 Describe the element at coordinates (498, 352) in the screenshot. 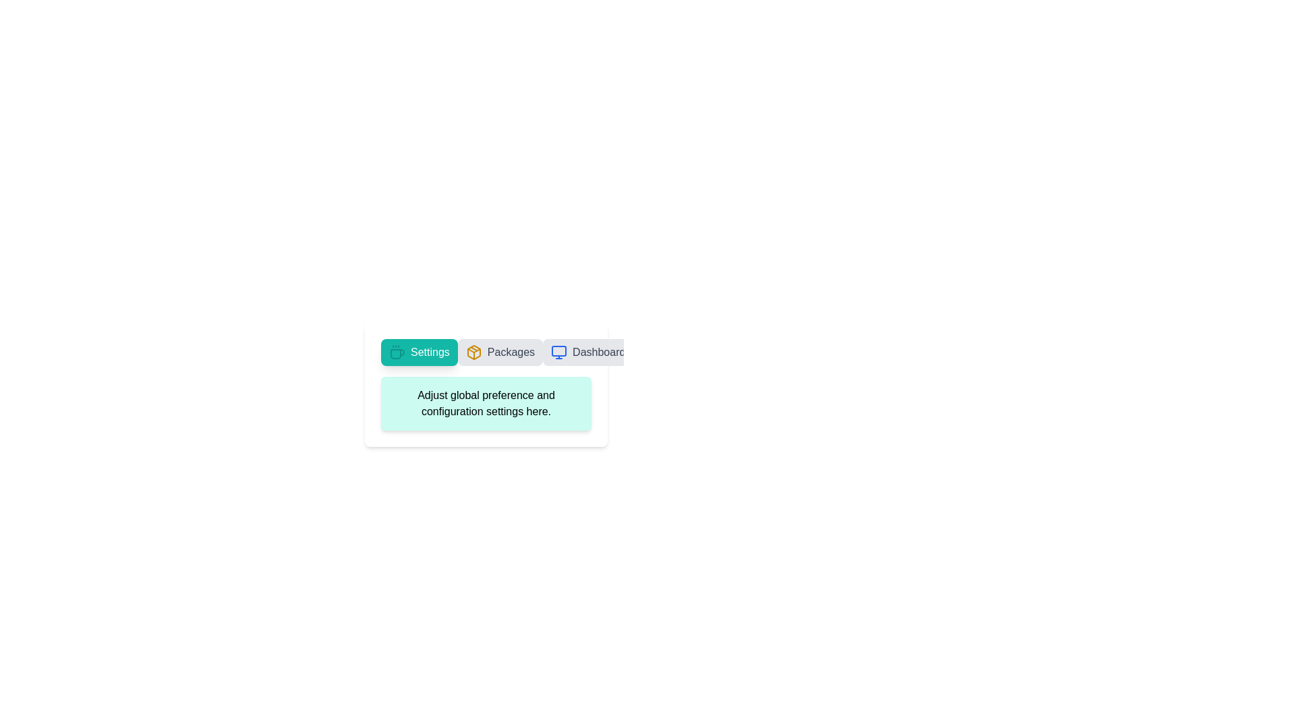

I see `the tab Packages and interact with its content` at that location.